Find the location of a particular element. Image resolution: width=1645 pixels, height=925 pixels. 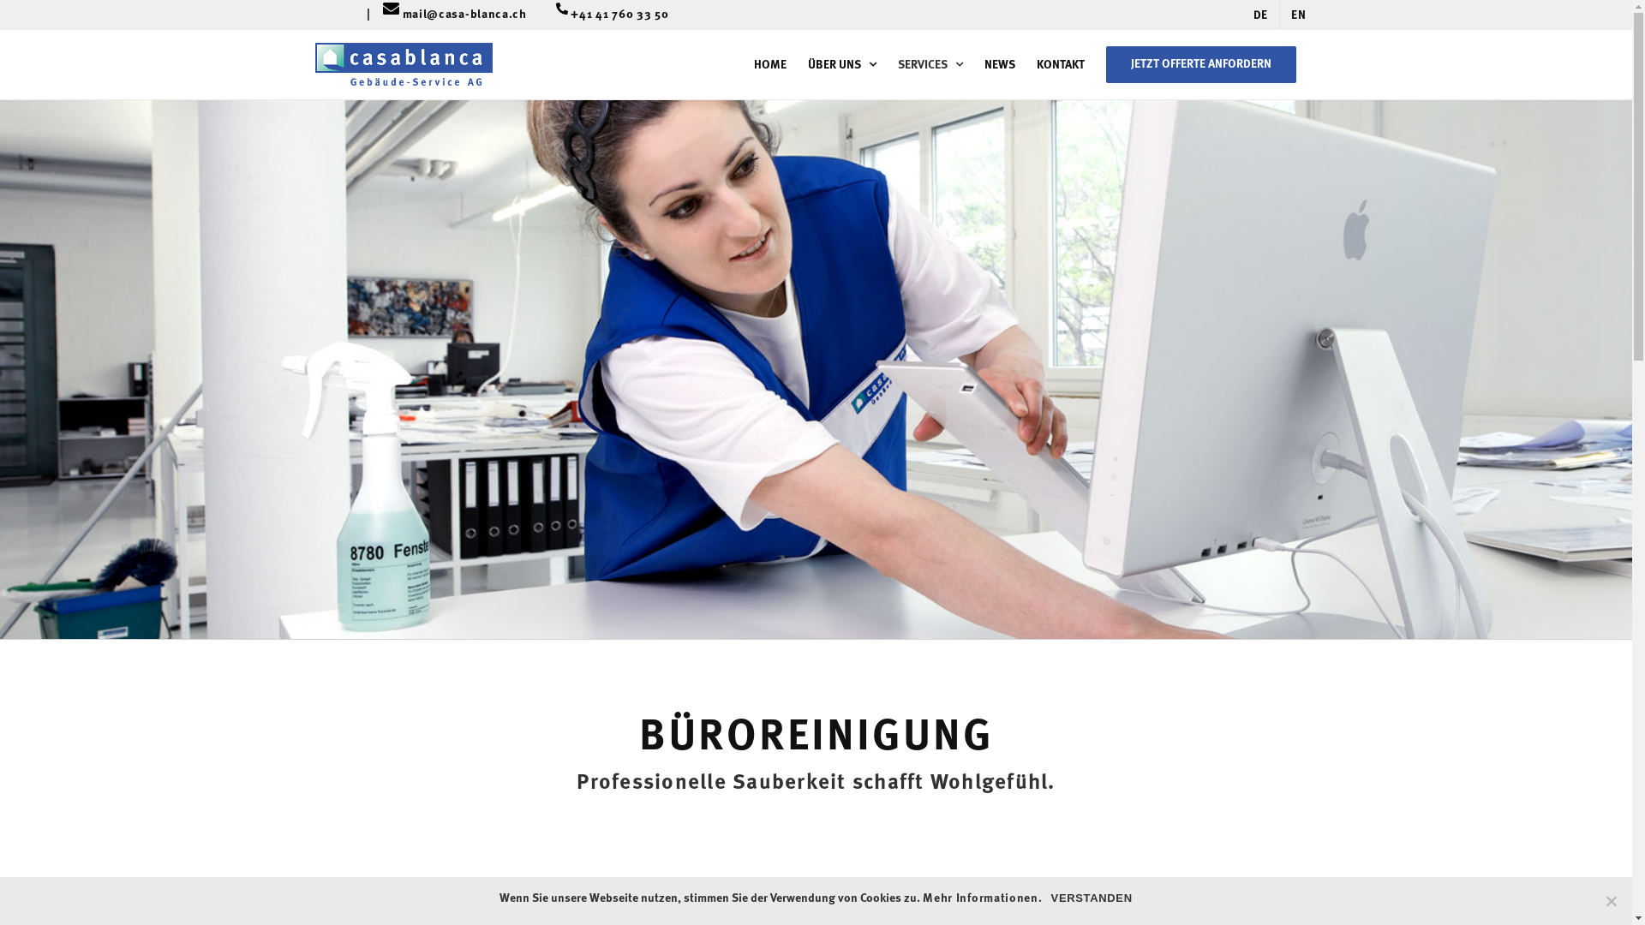

'KONTAKT' is located at coordinates (1060, 63).